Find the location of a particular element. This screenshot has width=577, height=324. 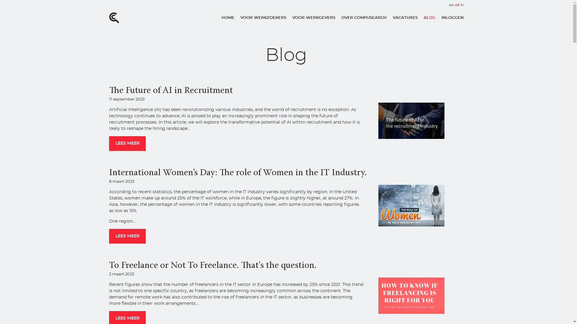

'VOOR WERKZOEKERS' is located at coordinates (240, 17).